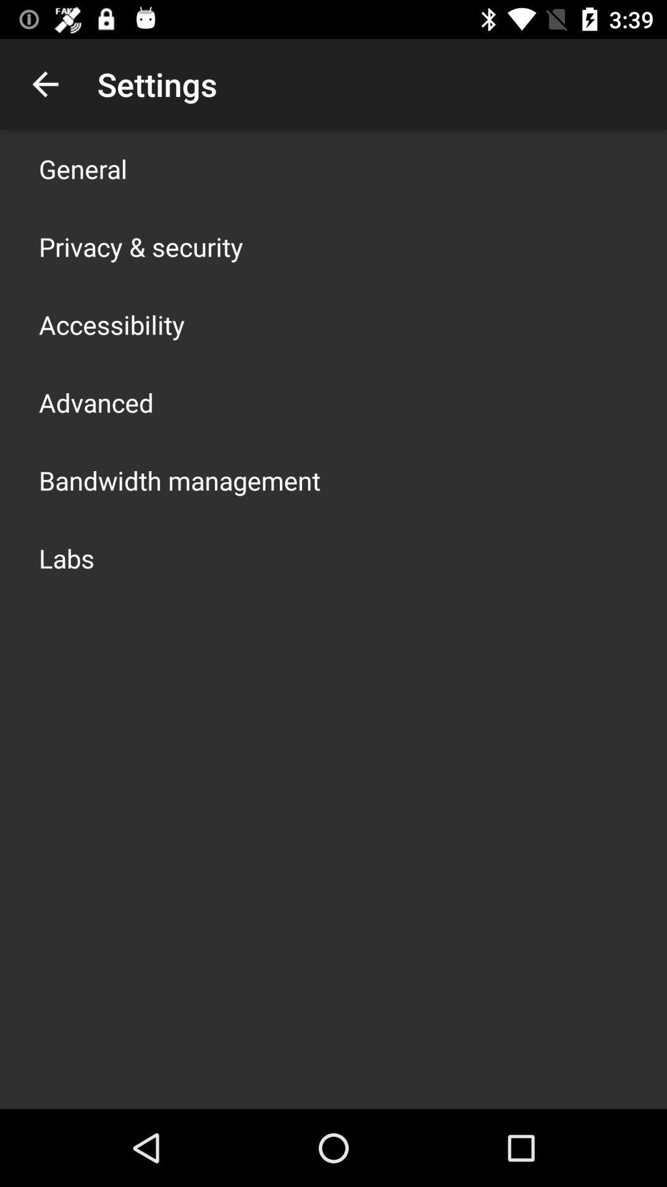 This screenshot has width=667, height=1187. What do you see at coordinates (67, 557) in the screenshot?
I see `labs item` at bounding box center [67, 557].